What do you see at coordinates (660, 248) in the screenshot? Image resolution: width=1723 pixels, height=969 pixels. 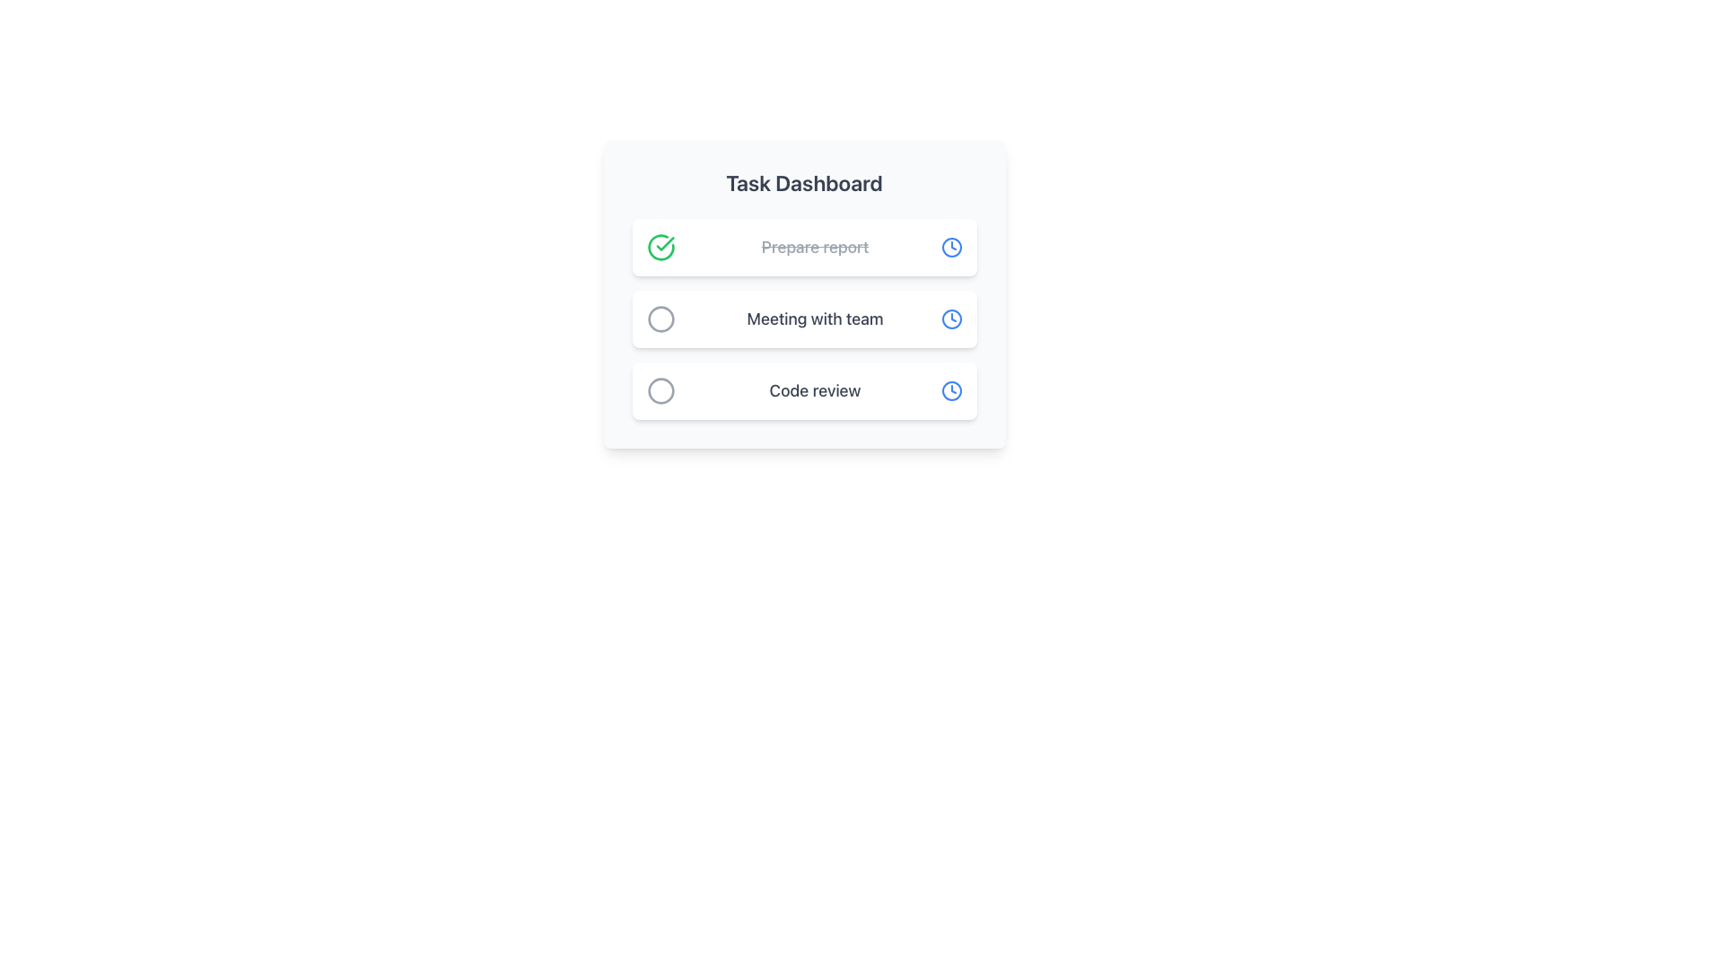 I see `the green circular icon with a checkmark located to the left of the strikethrough text 'Prepare report'` at bounding box center [660, 248].